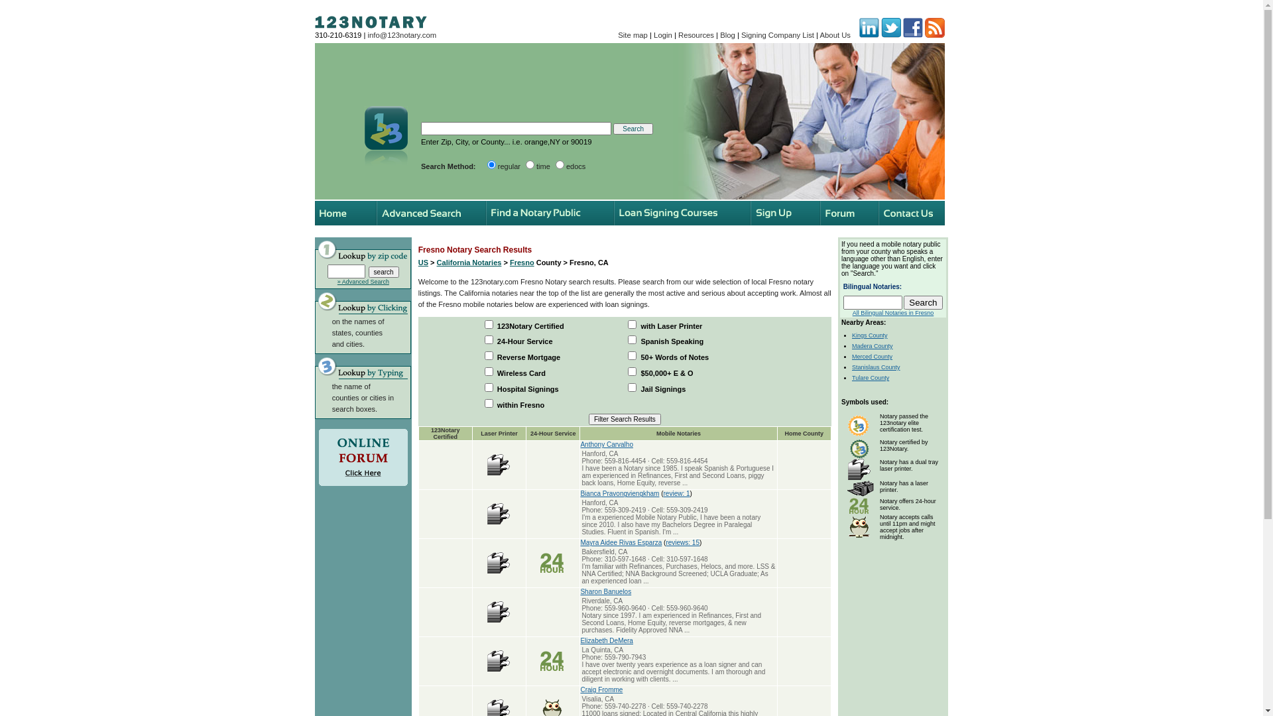 The width and height of the screenshot is (1273, 716). Describe the element at coordinates (893, 312) in the screenshot. I see `'All Bilingual Notaries in Fresno'` at that location.